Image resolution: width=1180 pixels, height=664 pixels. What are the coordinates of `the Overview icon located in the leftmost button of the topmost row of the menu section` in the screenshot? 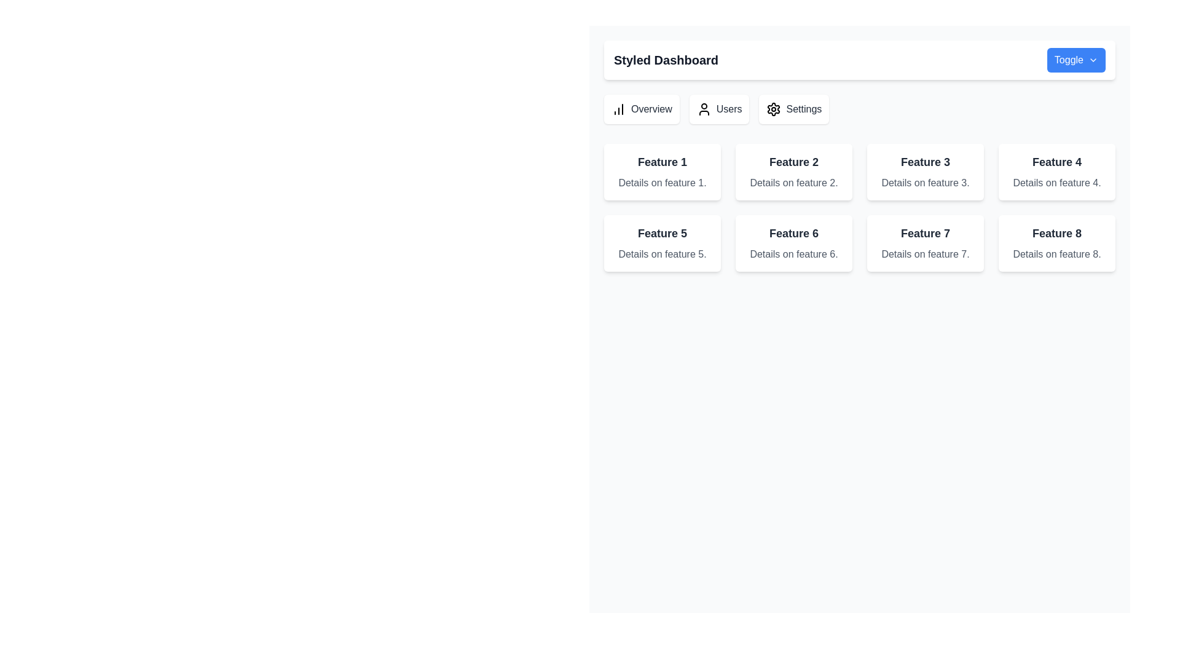 It's located at (619, 108).